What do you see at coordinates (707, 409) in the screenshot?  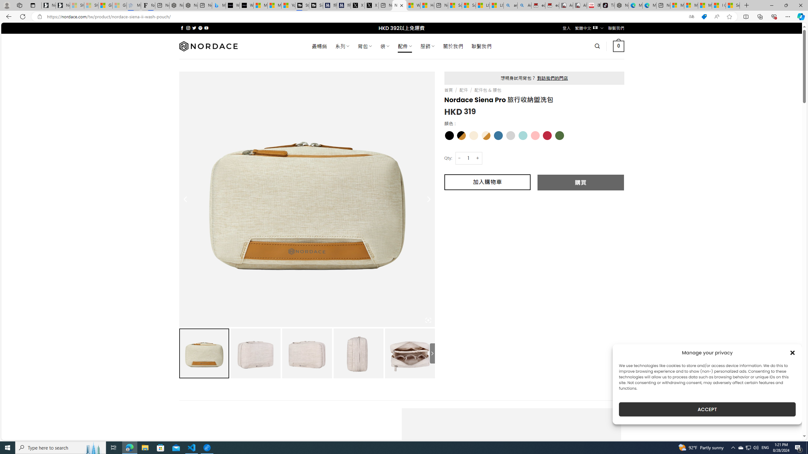 I see `'ACCEPT'` at bounding box center [707, 409].